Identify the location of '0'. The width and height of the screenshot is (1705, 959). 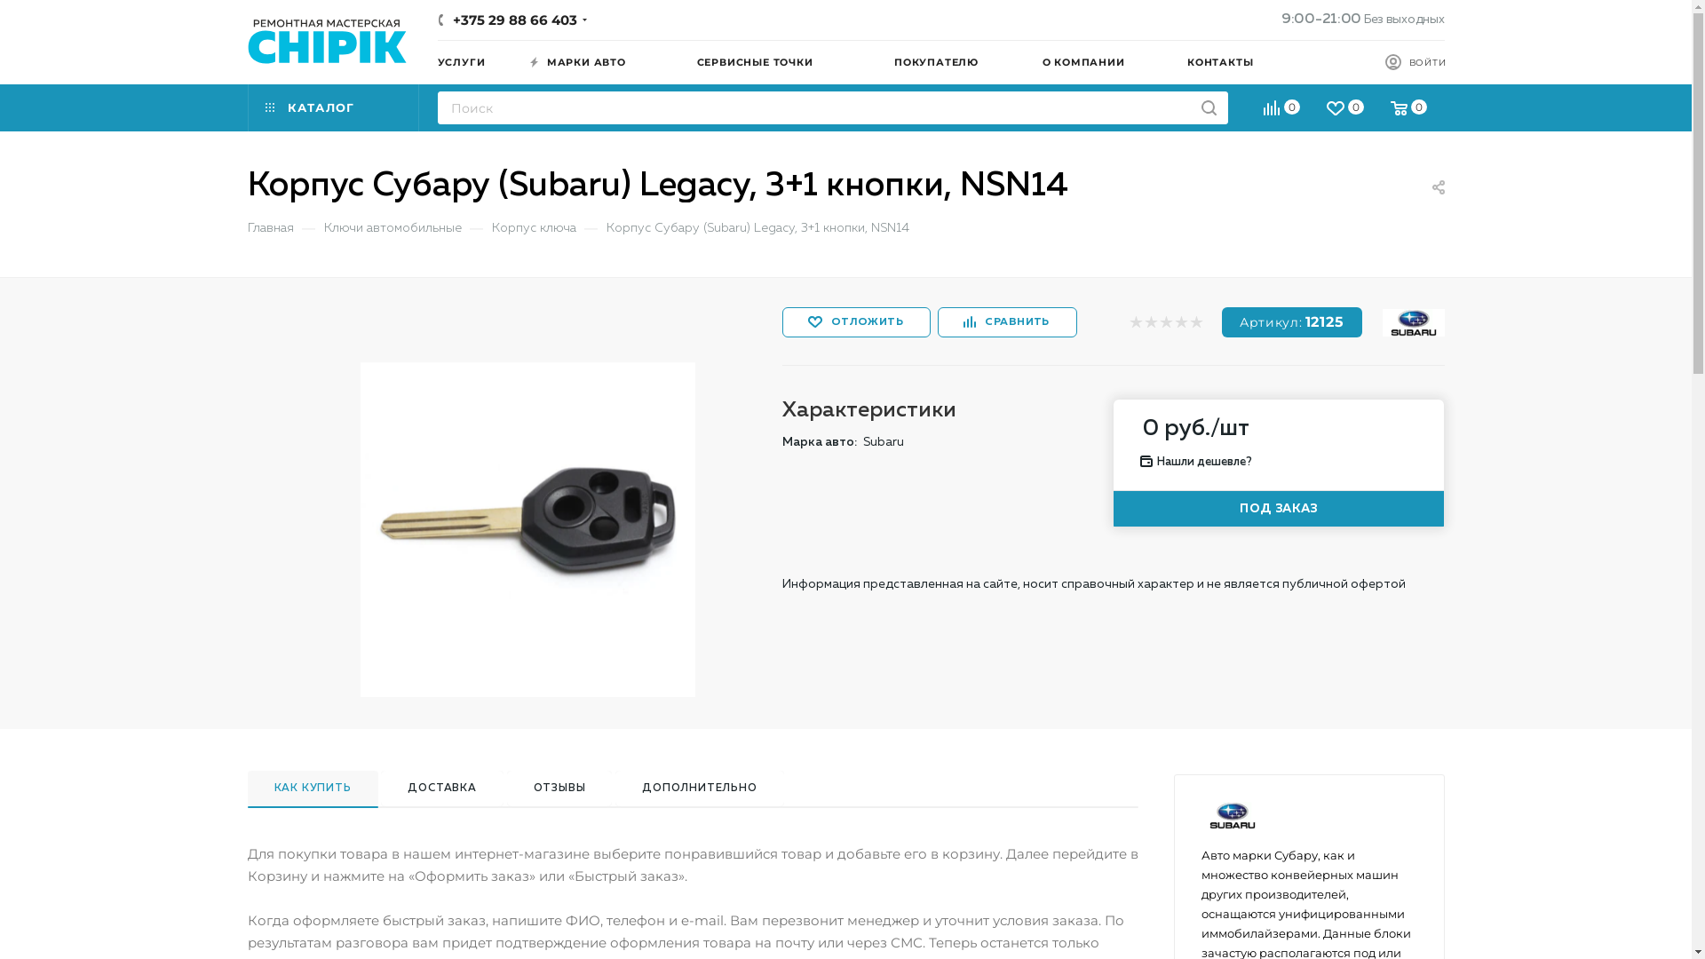
(1281, 110).